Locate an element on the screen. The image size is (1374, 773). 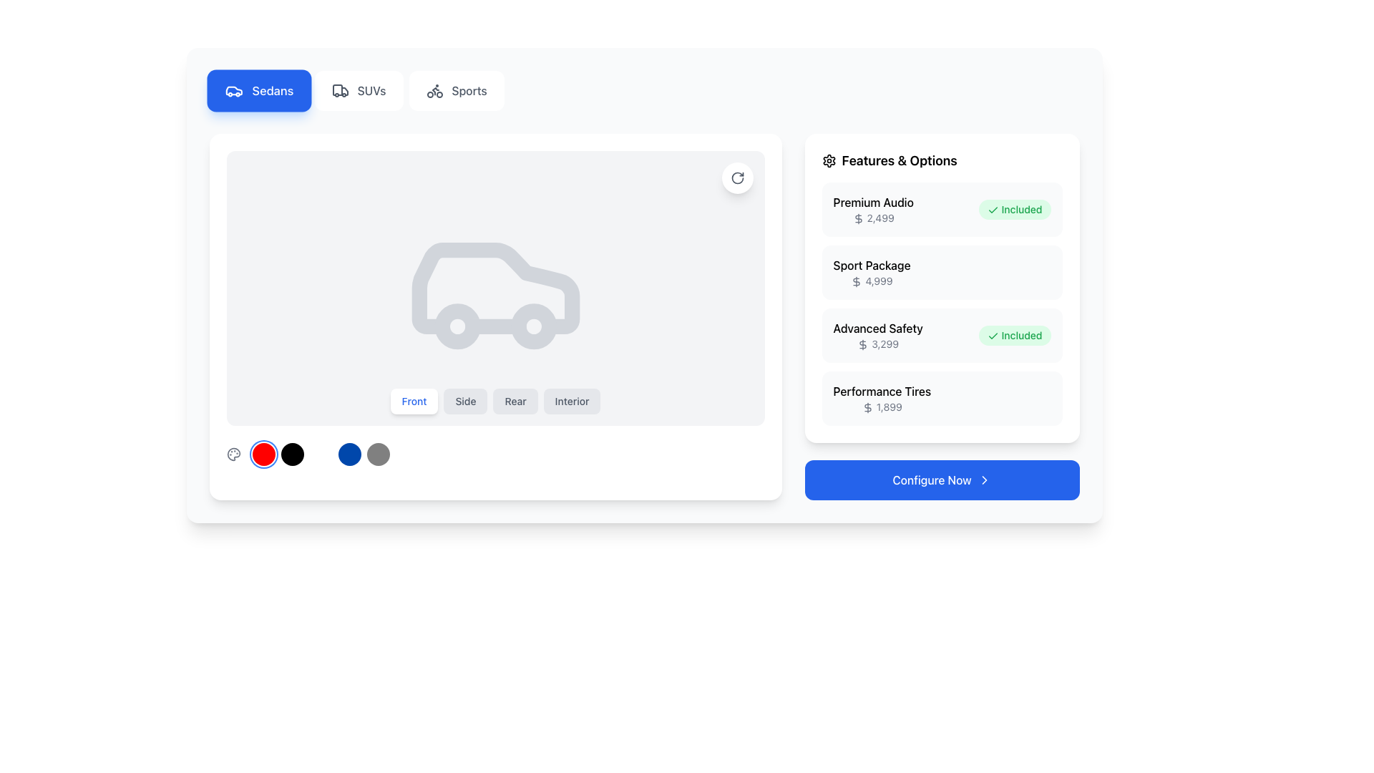
the dollar sign icon ('$') located next to the price '3,299' under the 'Advanced Safety' feature in the 'Features & Options' section on the right-hand panel is located at coordinates (862, 345).